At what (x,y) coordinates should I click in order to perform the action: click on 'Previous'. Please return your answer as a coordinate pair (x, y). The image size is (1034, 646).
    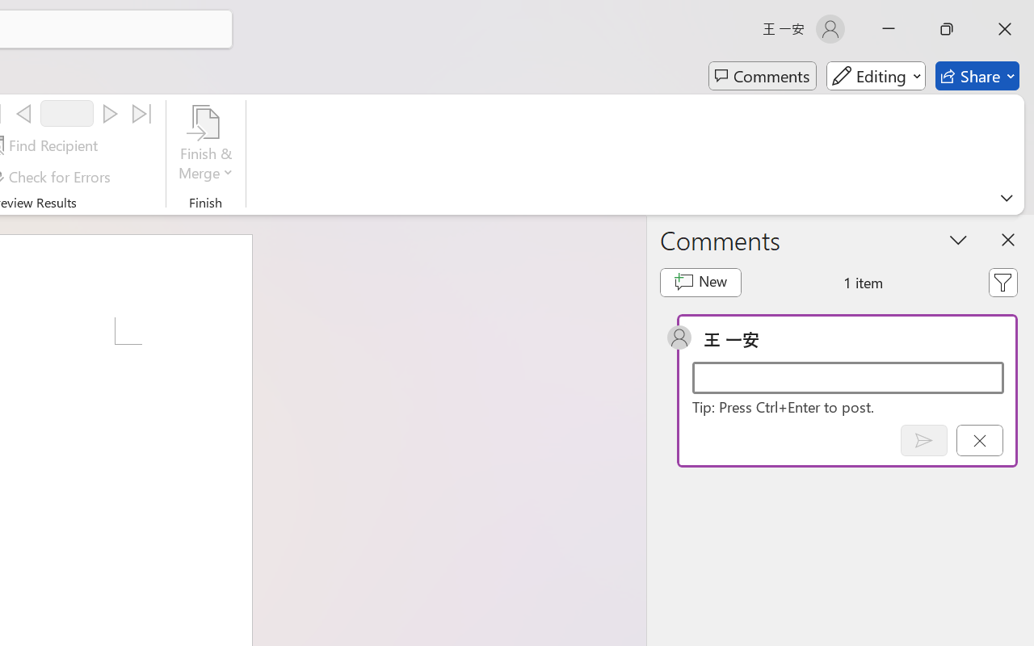
    Looking at the image, I should click on (23, 114).